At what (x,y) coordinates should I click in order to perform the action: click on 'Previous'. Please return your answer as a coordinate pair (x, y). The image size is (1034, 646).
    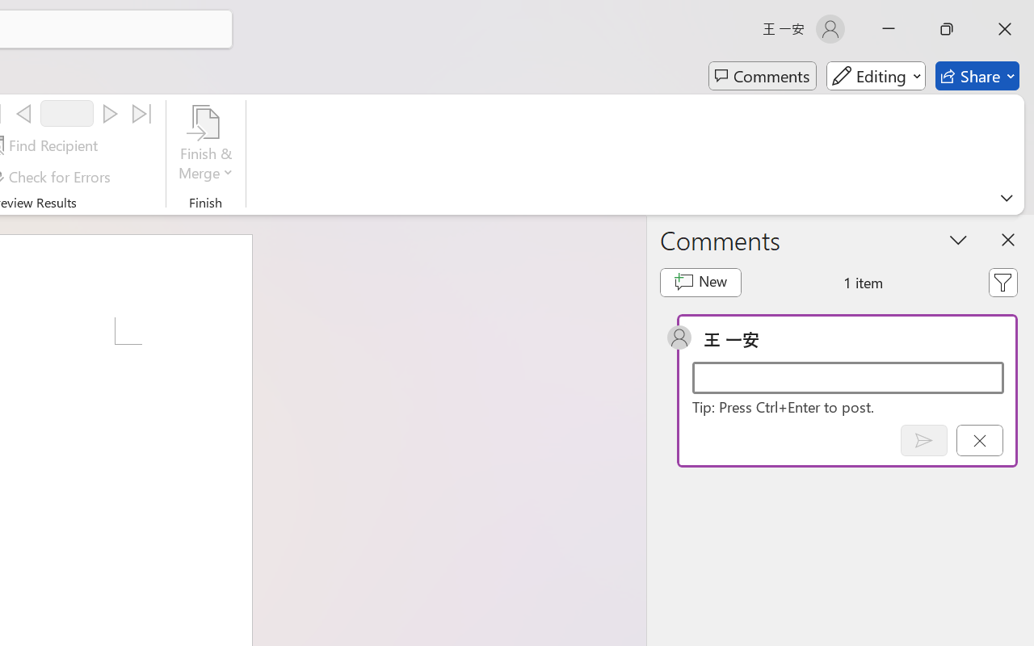
    Looking at the image, I should click on (23, 114).